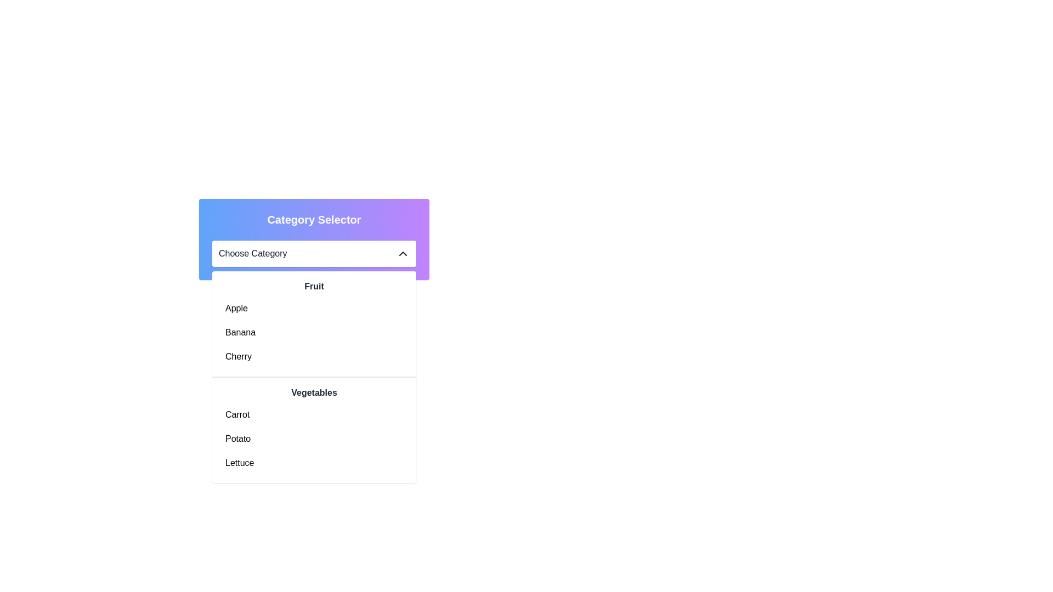  What do you see at coordinates (238, 357) in the screenshot?
I see `the third selectable item in the 'Fruit' section of the dropdown menu to focus on it` at bounding box center [238, 357].